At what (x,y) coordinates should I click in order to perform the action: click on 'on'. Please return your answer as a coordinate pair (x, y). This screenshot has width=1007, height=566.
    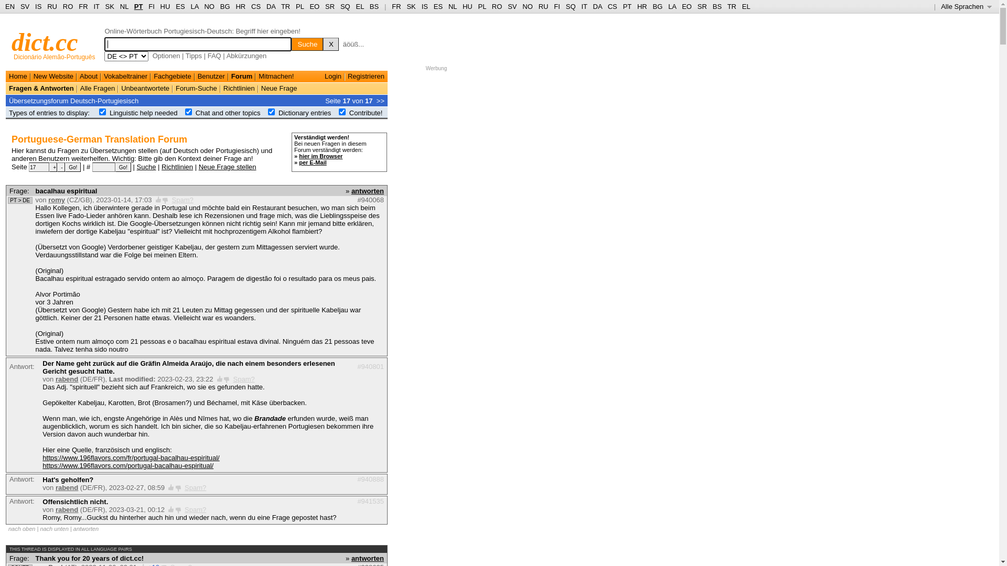
    Looking at the image, I should click on (339, 112).